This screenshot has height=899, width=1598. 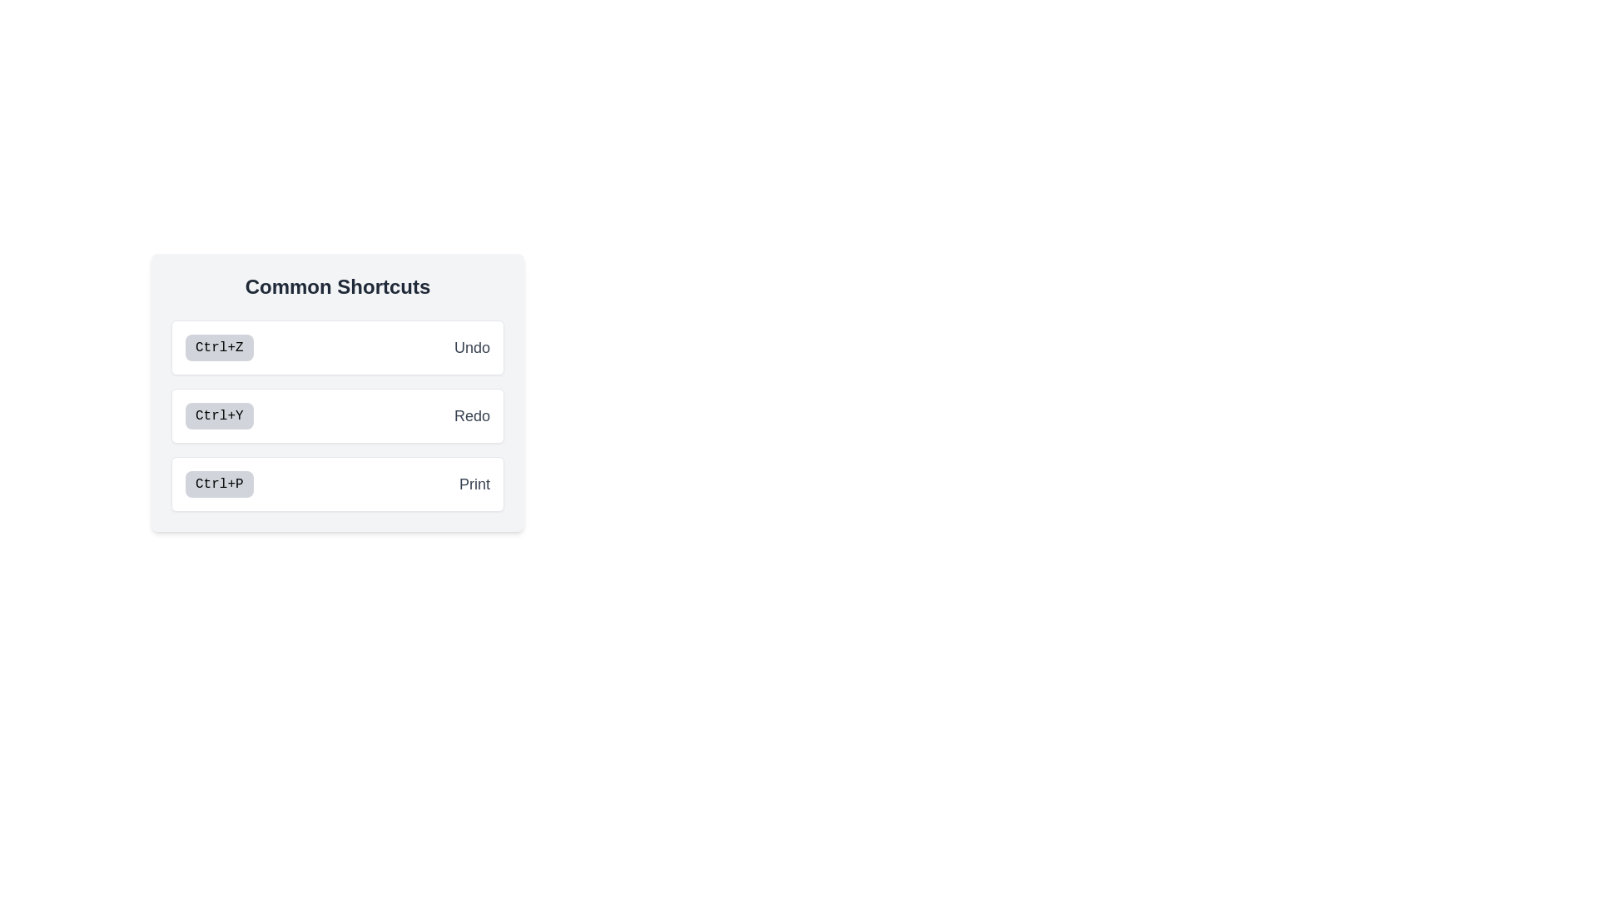 What do you see at coordinates (471, 415) in the screenshot?
I see `the 'Redo' label, which is styled in gray and located to the right of the 'Ctrl+Y' label in the 'Common Shortcuts' section` at bounding box center [471, 415].